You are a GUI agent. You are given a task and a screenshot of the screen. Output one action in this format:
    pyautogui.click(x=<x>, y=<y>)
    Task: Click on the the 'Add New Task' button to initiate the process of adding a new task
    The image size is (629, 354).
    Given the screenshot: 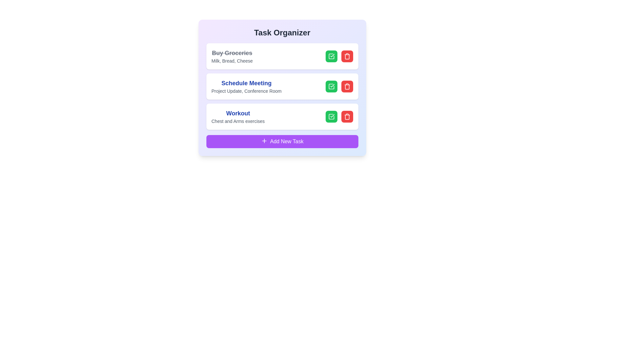 What is the action you would take?
    pyautogui.click(x=282, y=141)
    